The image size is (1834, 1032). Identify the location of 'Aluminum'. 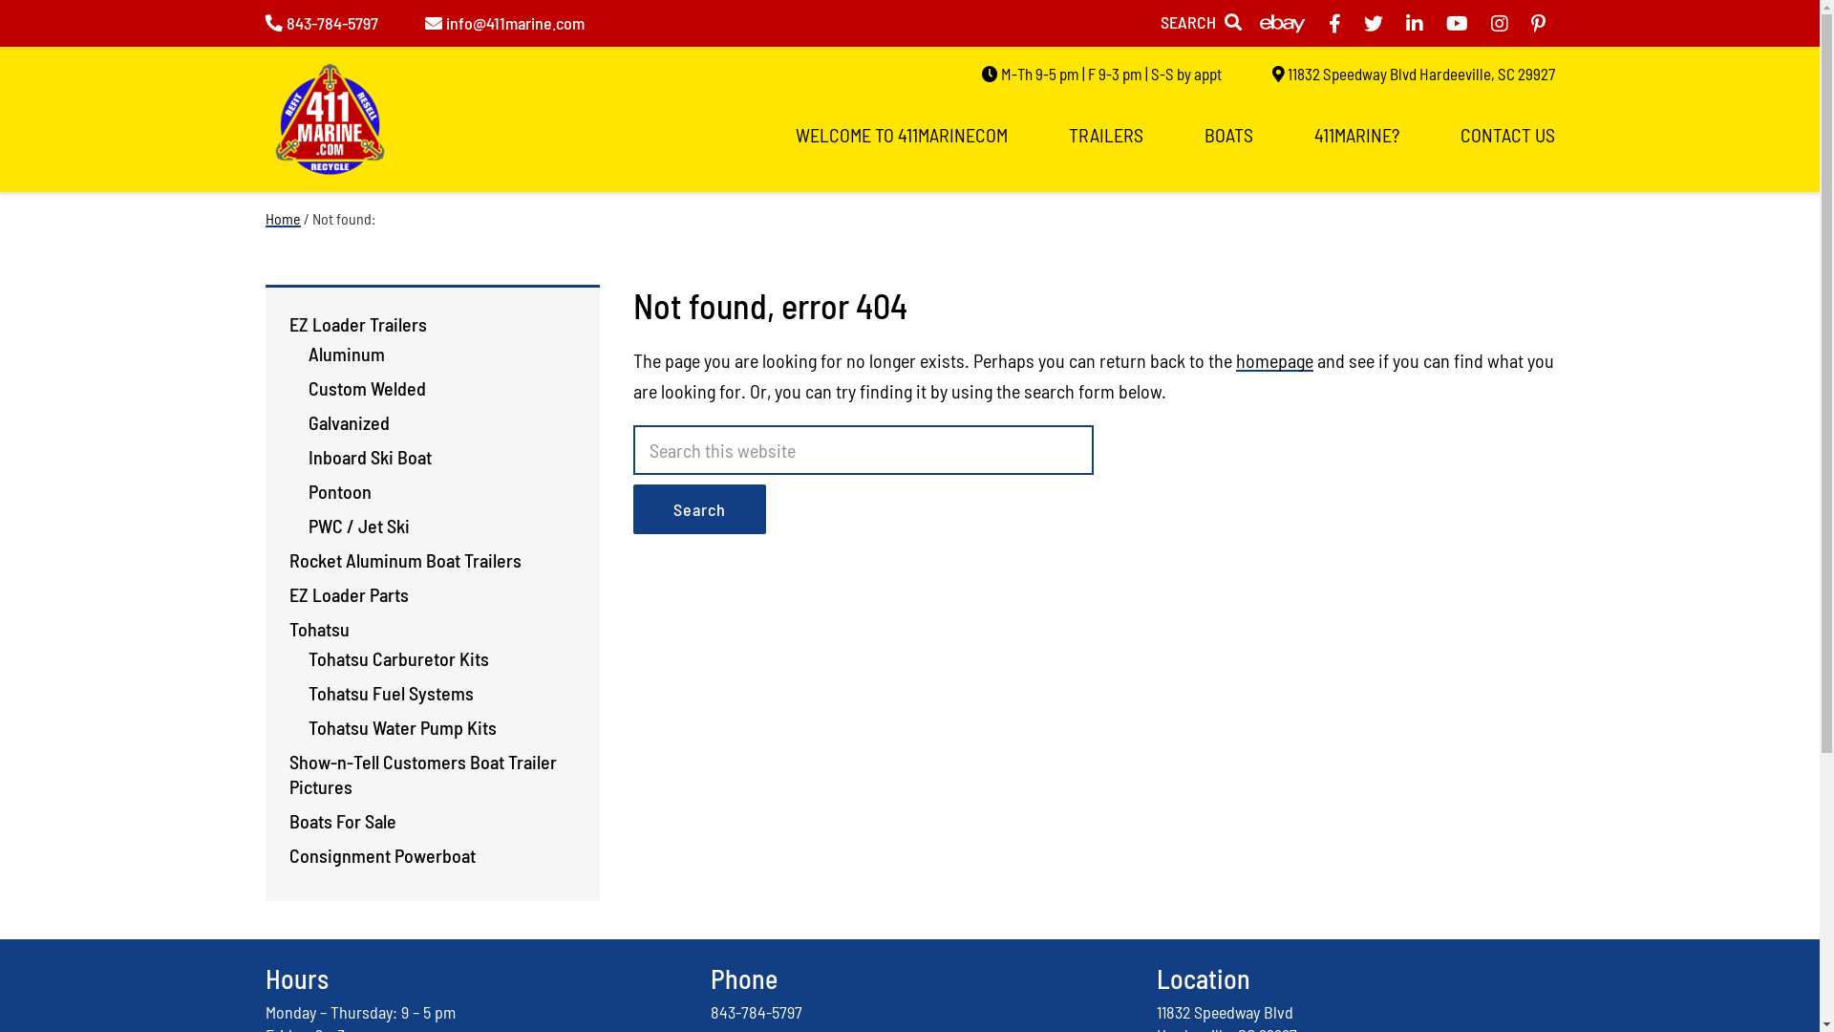
(345, 354).